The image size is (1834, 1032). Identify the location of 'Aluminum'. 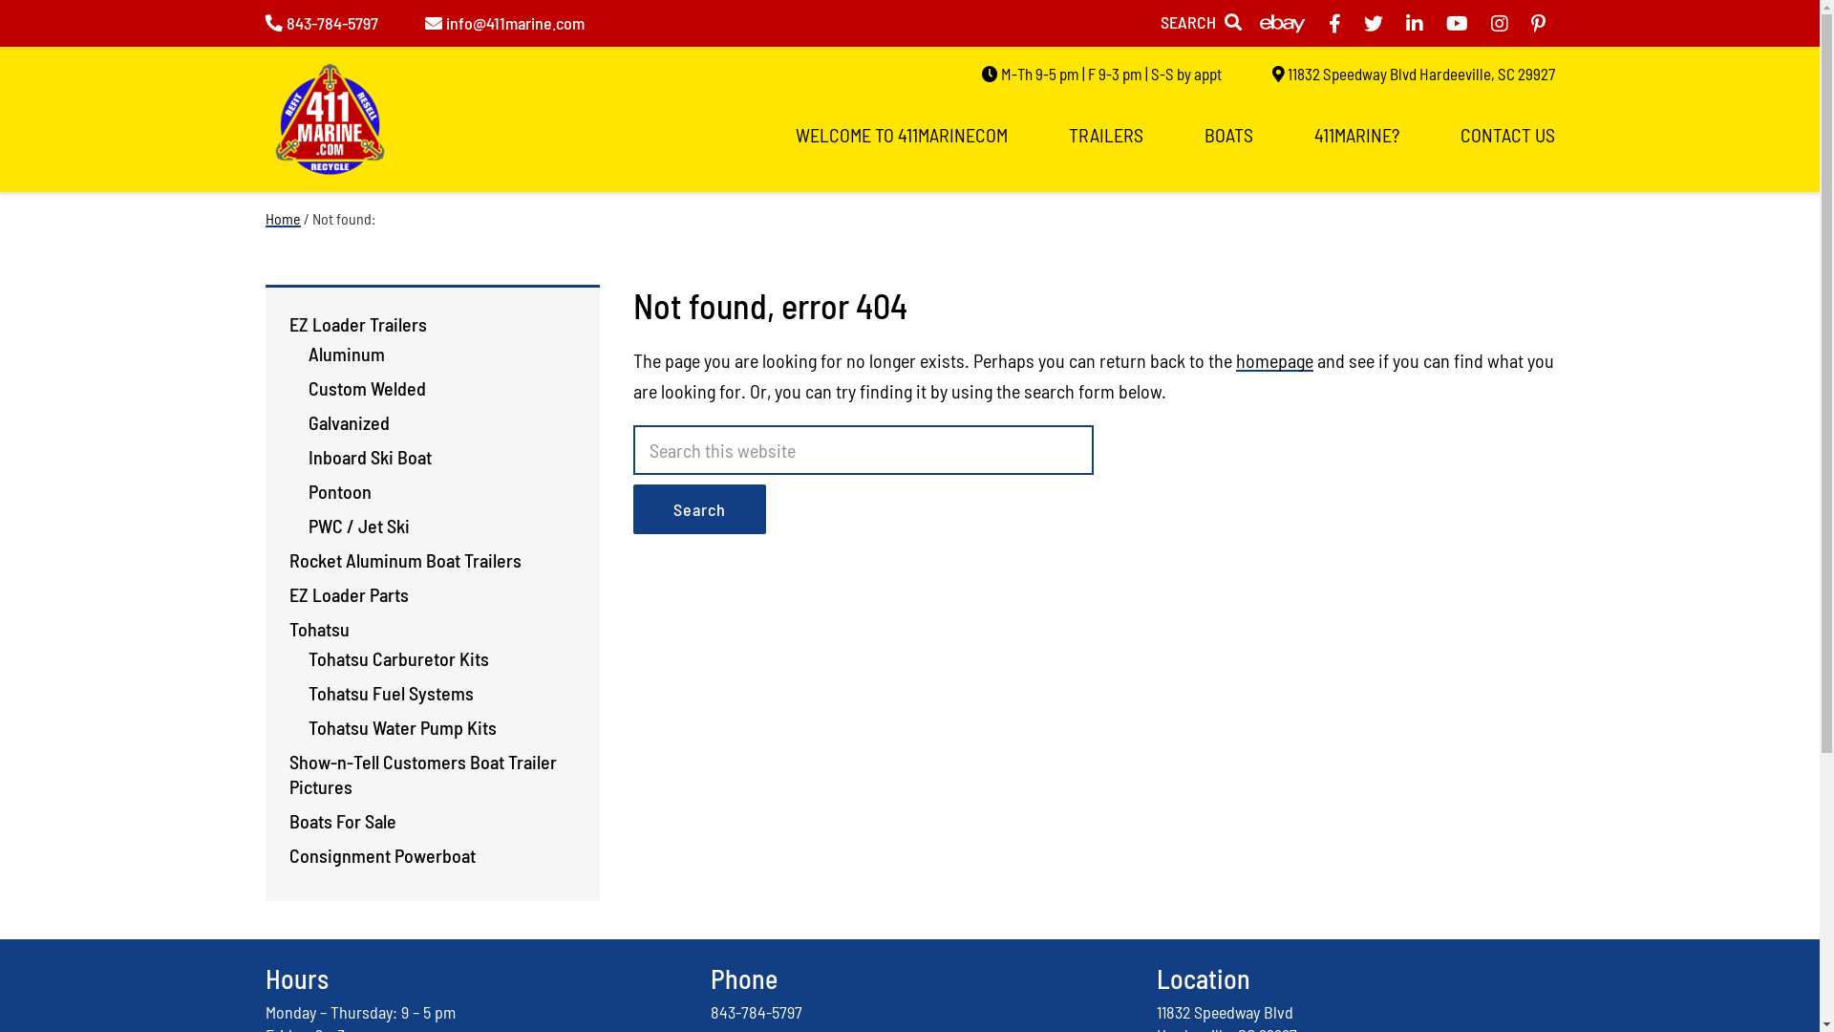
(345, 354).